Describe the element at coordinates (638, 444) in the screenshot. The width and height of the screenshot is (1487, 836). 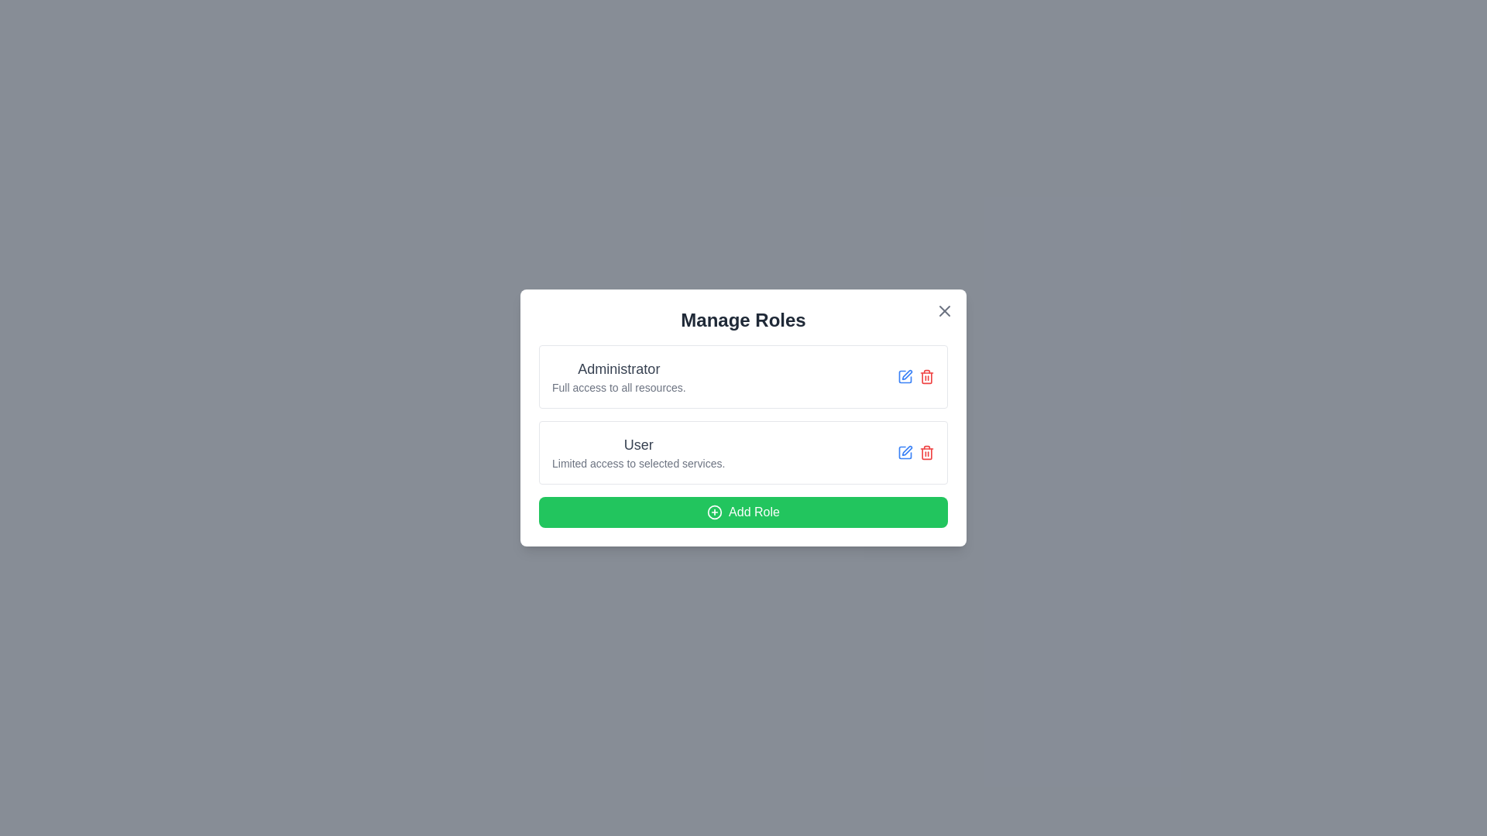
I see `the text label displaying 'User' in the 'Manage Roles' section` at that location.